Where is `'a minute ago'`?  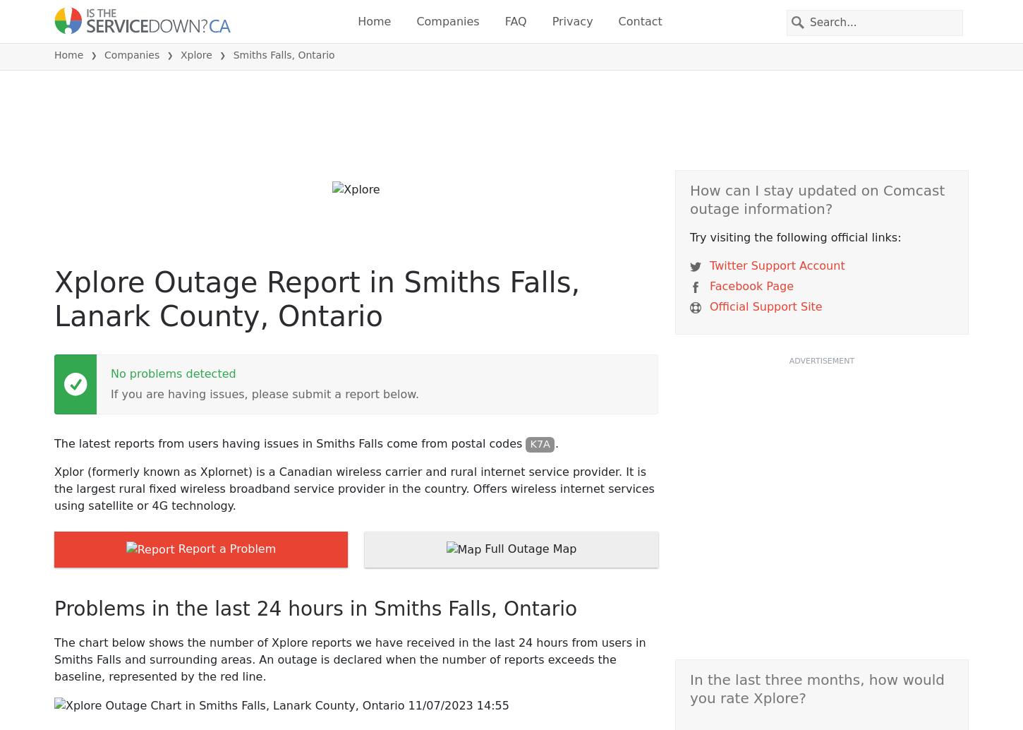 'a minute ago' is located at coordinates (426, 237).